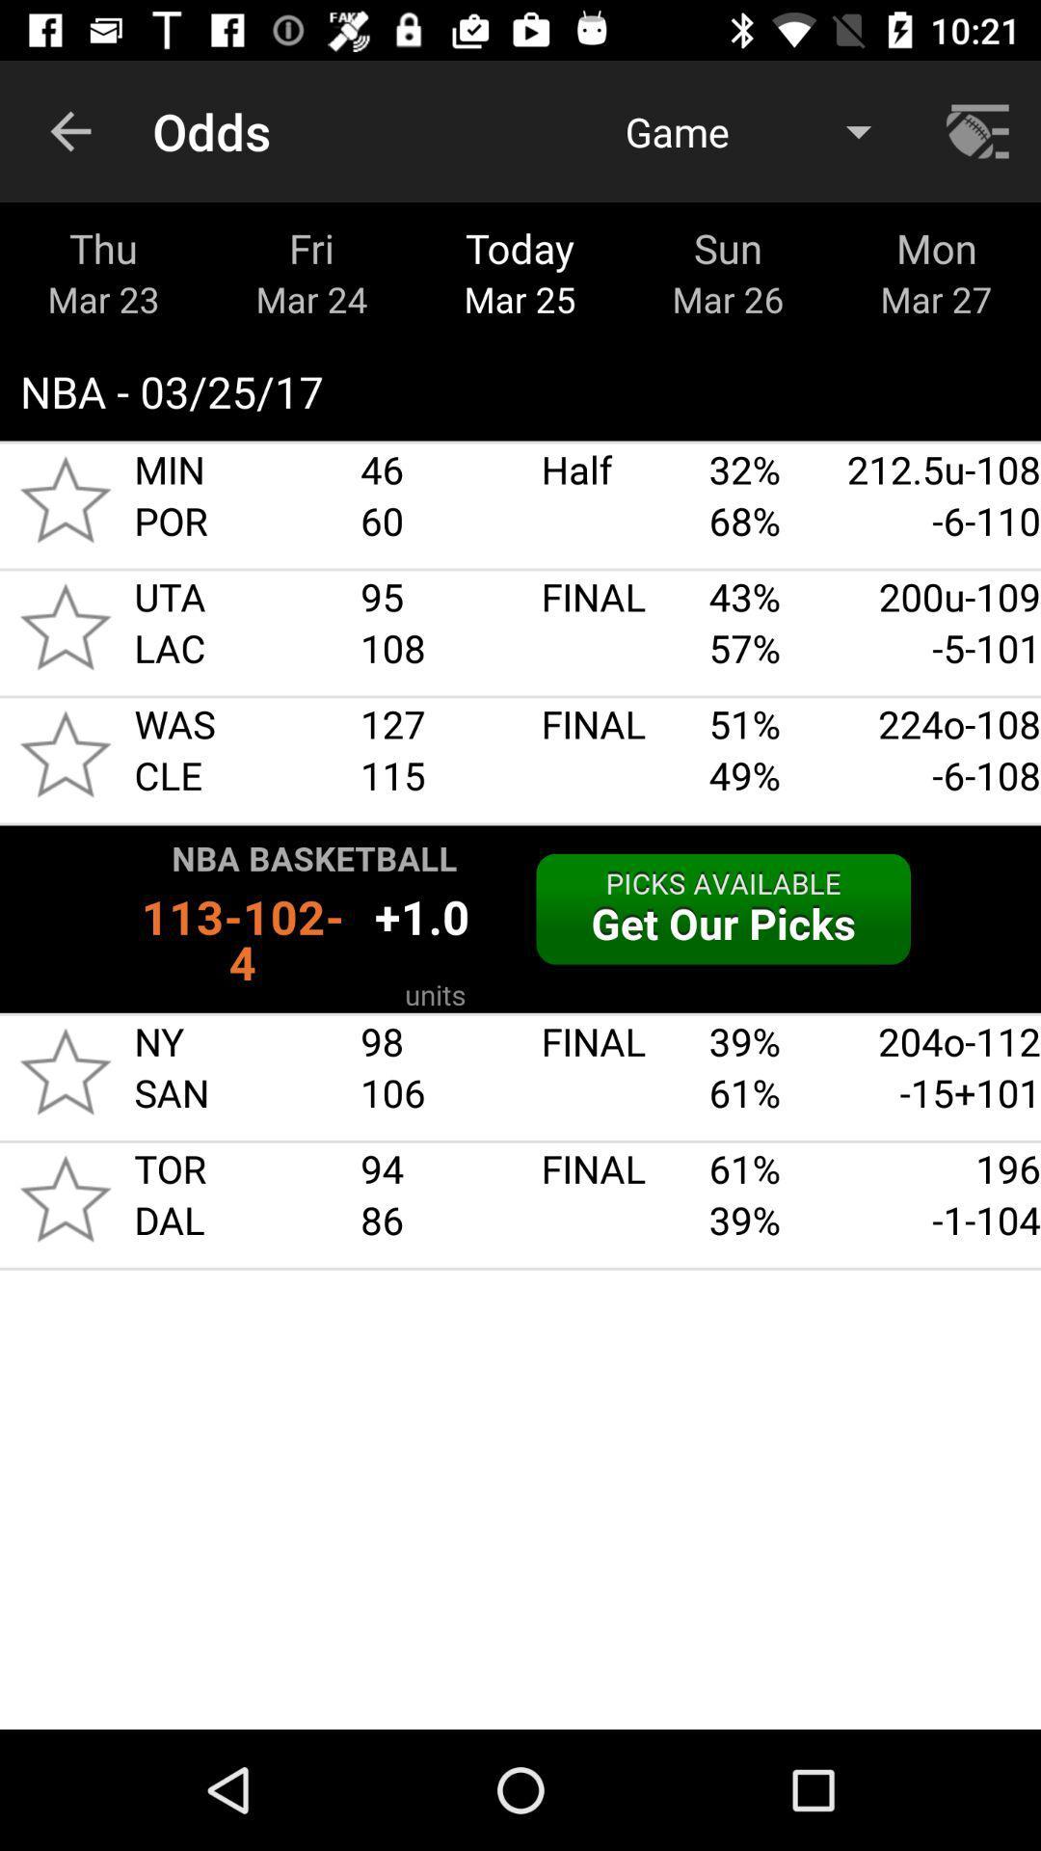 The image size is (1041, 1851). What do you see at coordinates (980, 130) in the screenshot?
I see `open menu` at bounding box center [980, 130].